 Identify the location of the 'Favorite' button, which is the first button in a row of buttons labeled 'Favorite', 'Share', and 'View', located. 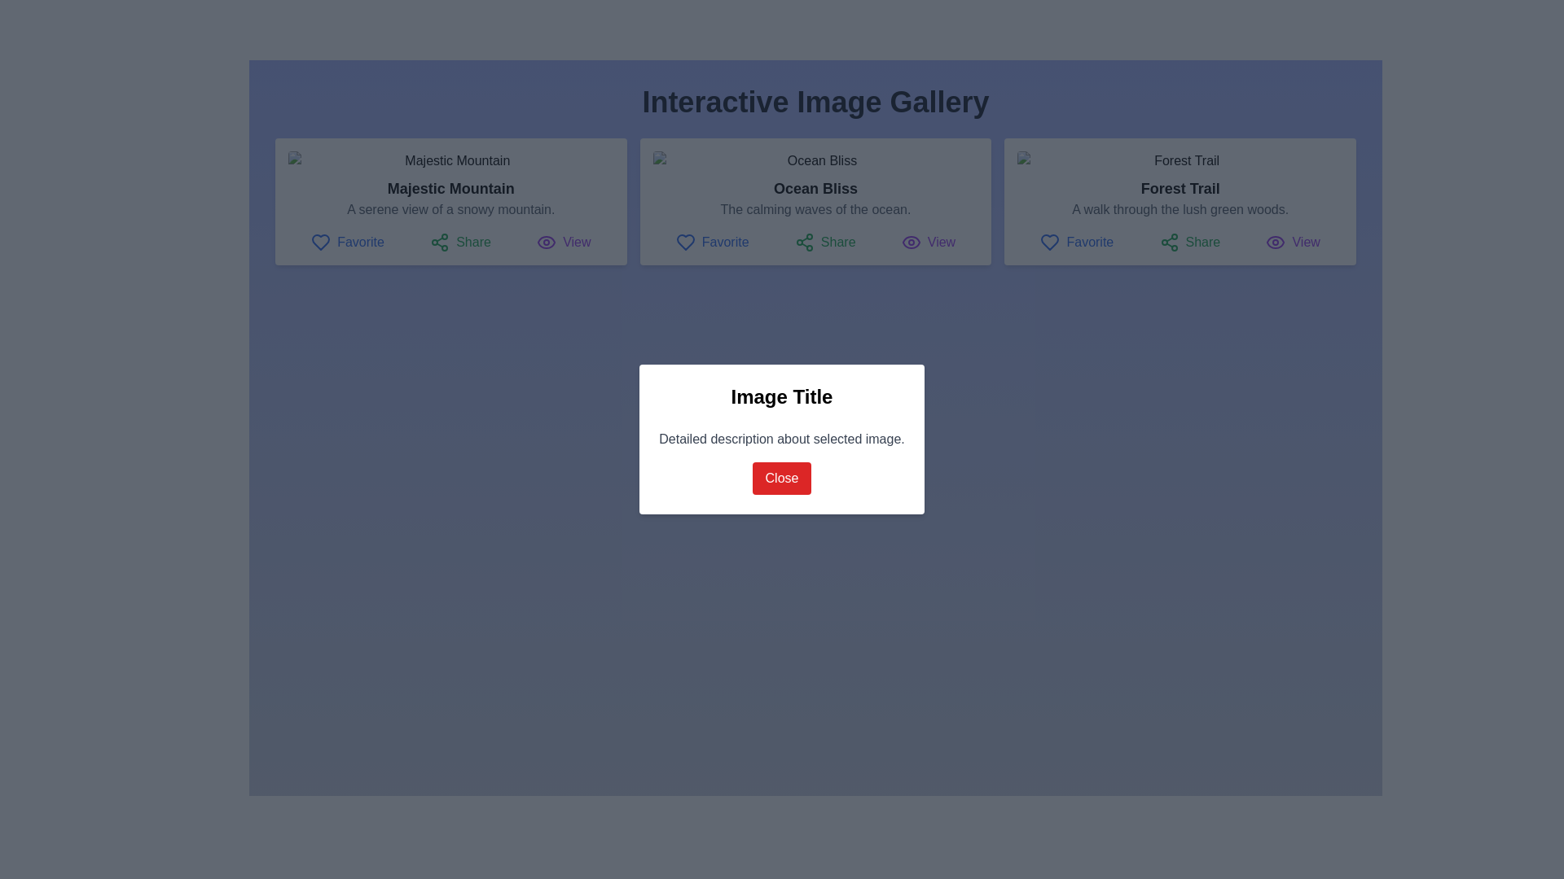
(712, 242).